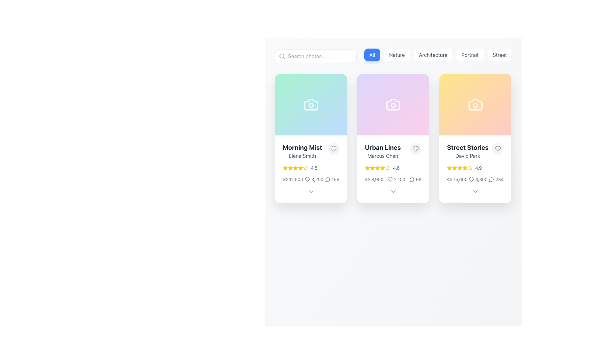 This screenshot has height=345, width=614. Describe the element at coordinates (393, 104) in the screenshot. I see `the camera icon located centrally in the second card of a three-card layout with a violet-to-pink gradient background` at that location.